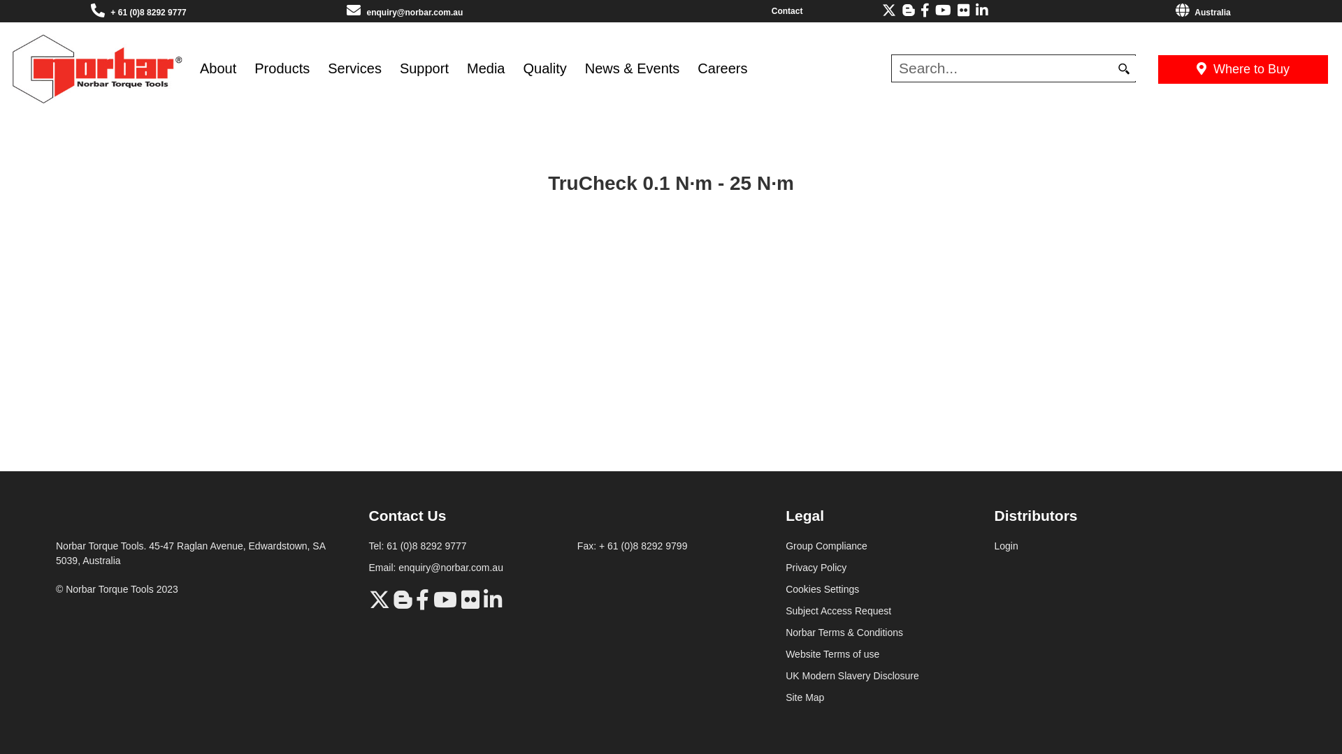 The image size is (1342, 754). Describe the element at coordinates (805, 697) in the screenshot. I see `'Site Map'` at that location.